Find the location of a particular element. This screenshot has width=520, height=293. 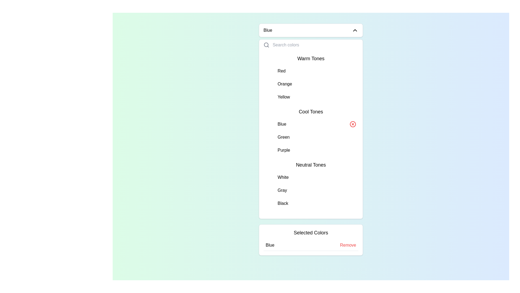

the small red circular icon with a cross inside, located to the far right of the text label 'Blue' is located at coordinates (353, 124).